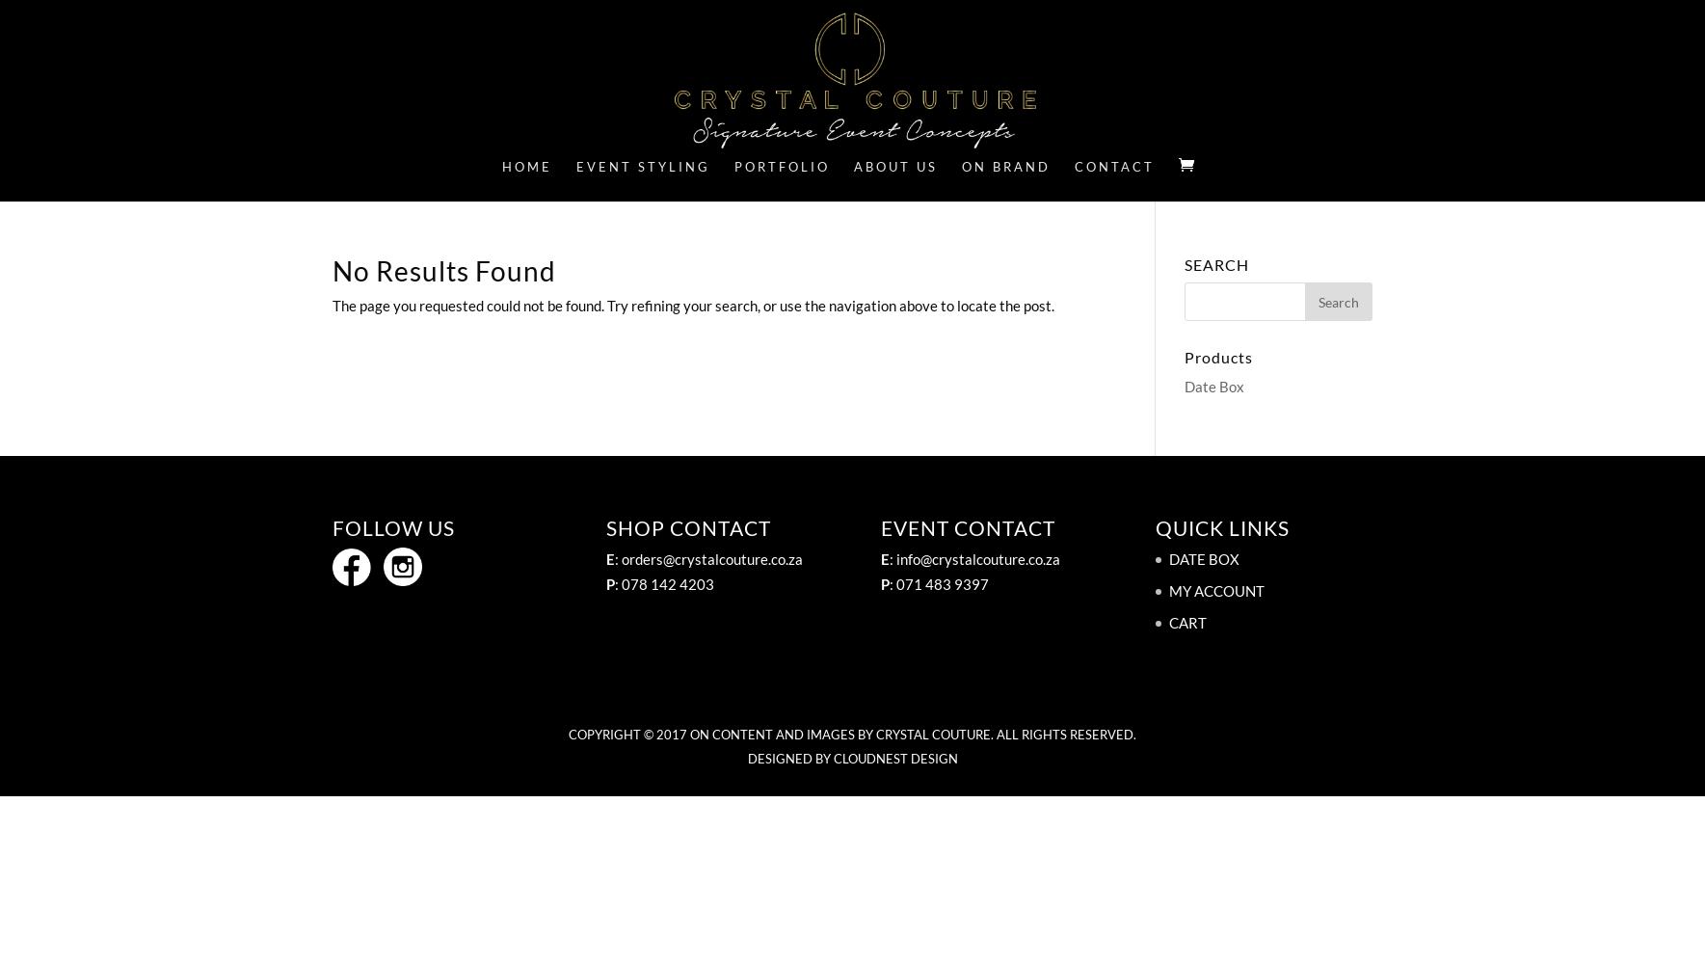 The height and width of the screenshot is (964, 1705). Describe the element at coordinates (500, 167) in the screenshot. I see `'HOME'` at that location.